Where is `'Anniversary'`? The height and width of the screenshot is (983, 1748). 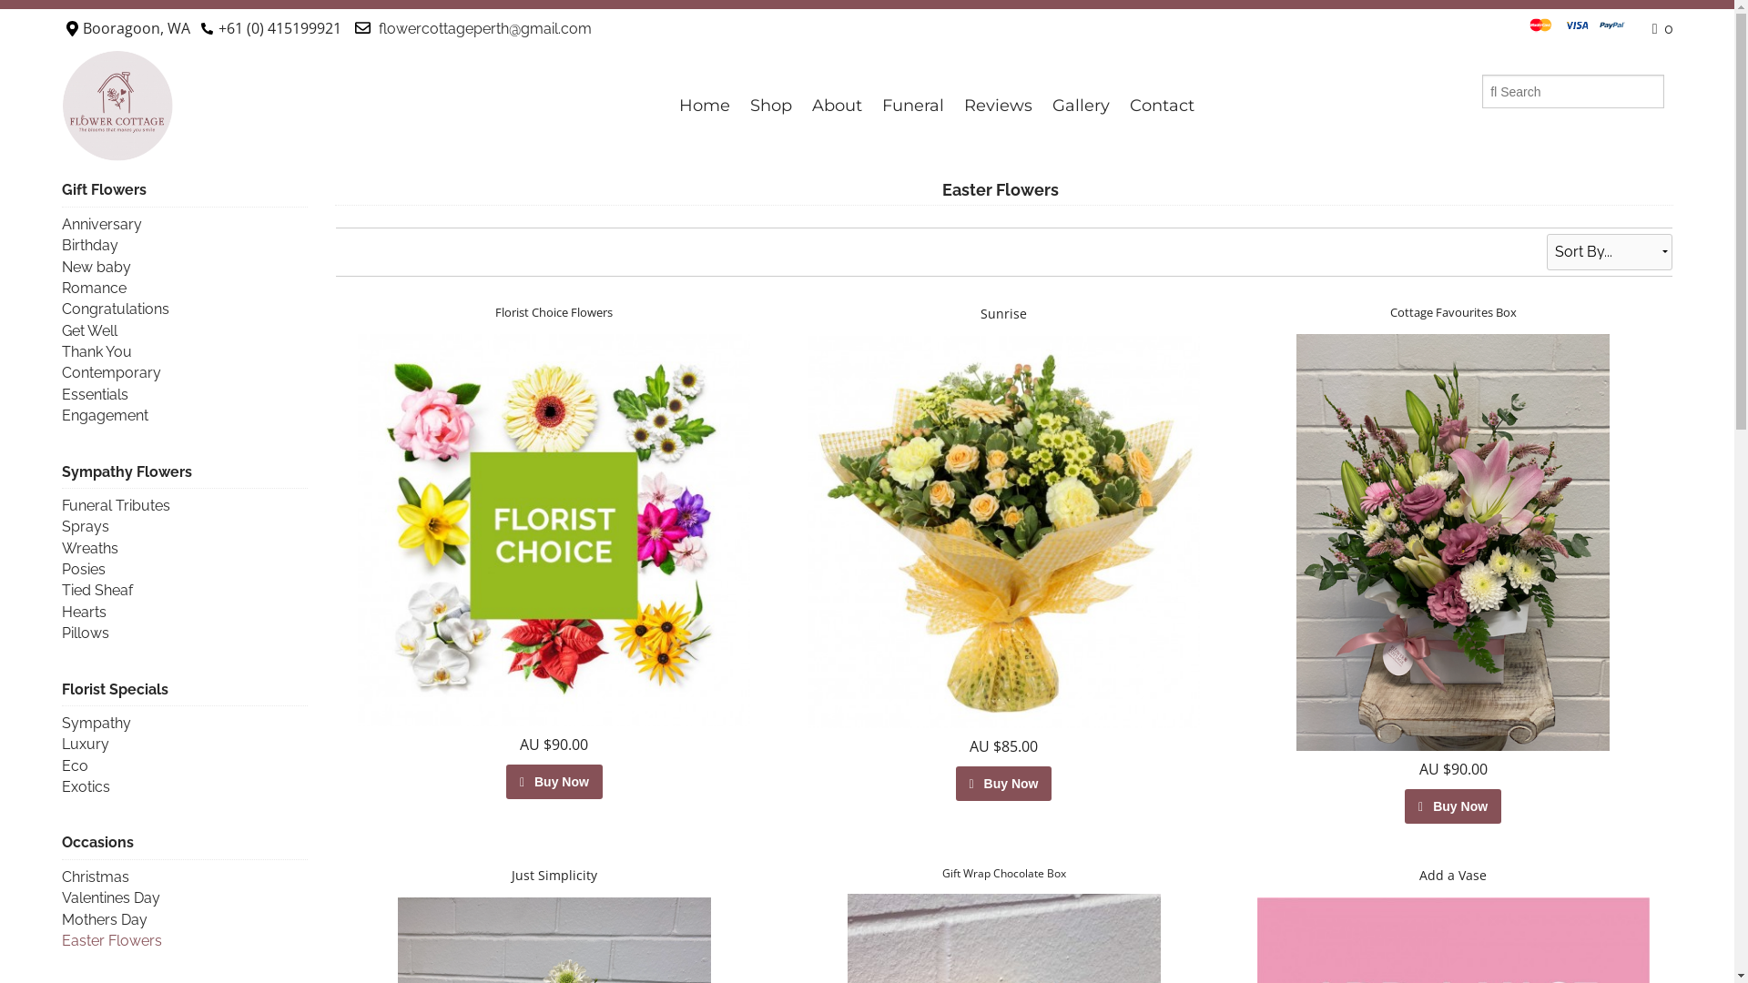 'Anniversary' is located at coordinates (100, 223).